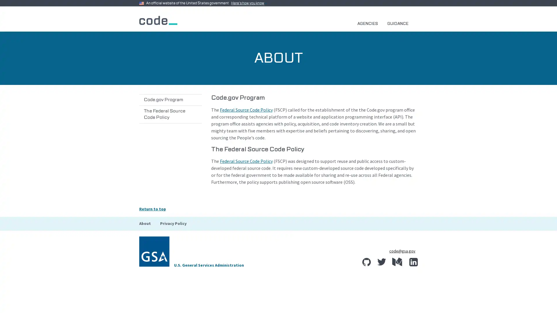 This screenshot has height=313, width=557. Describe the element at coordinates (400, 23) in the screenshot. I see `GUIDANCE` at that location.